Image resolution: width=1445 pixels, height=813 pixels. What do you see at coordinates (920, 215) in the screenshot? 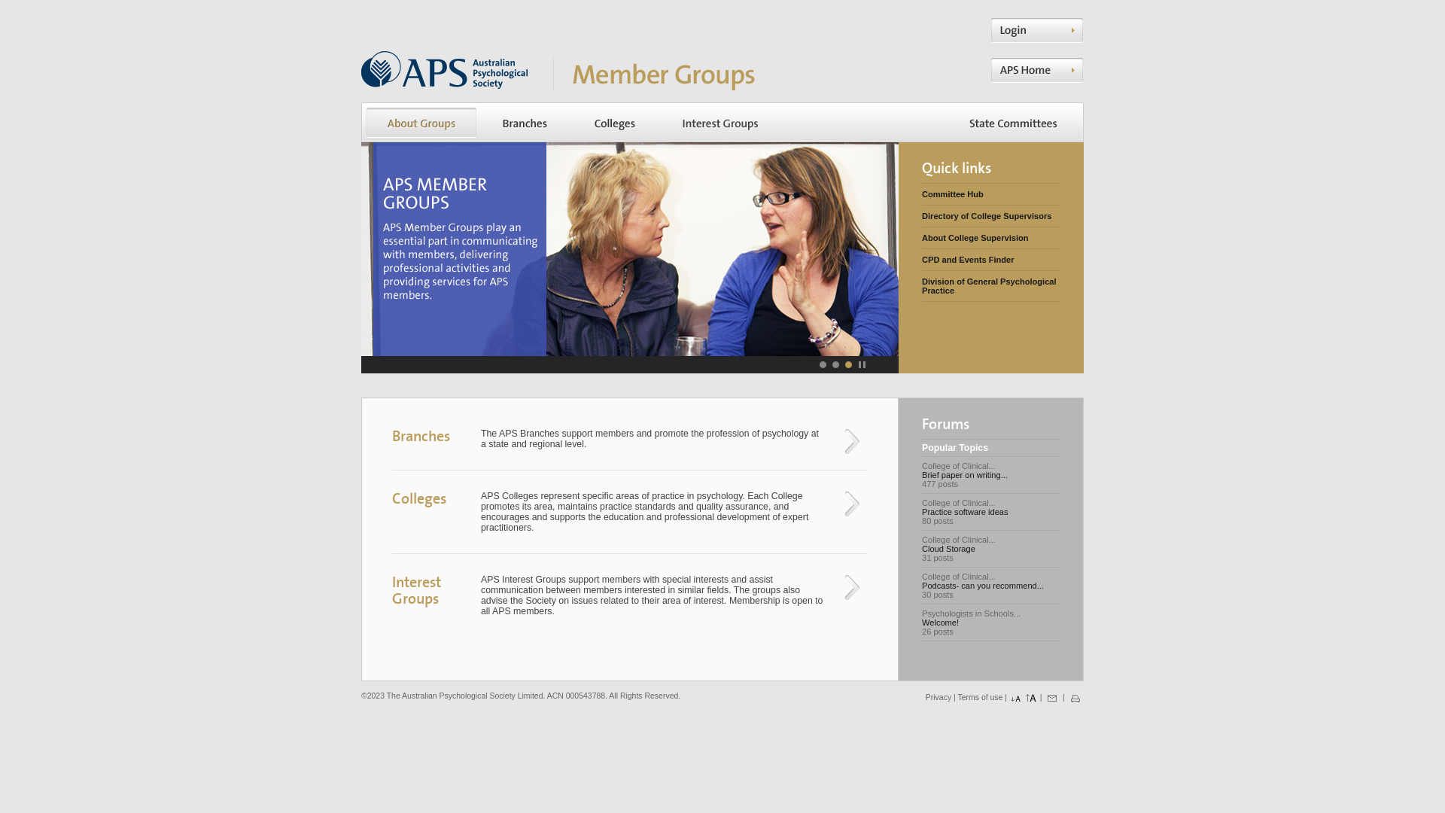
I see `'Directory of College Supervisors'` at bounding box center [920, 215].